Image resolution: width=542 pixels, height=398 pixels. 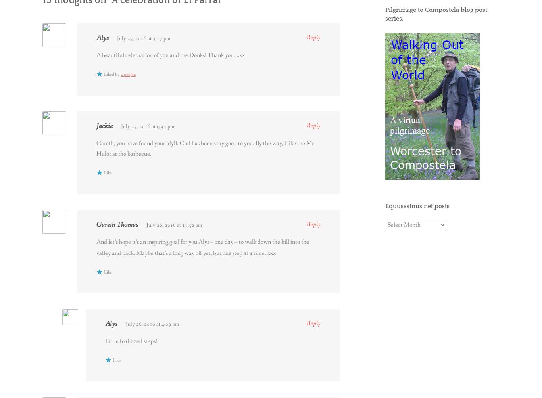 I want to click on 'Liked by', so click(x=104, y=74).